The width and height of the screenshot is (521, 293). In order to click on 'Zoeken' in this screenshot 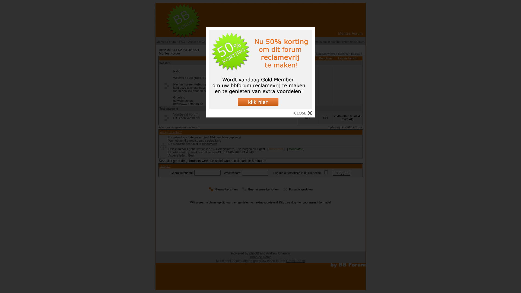, I will do `click(193, 42)`.